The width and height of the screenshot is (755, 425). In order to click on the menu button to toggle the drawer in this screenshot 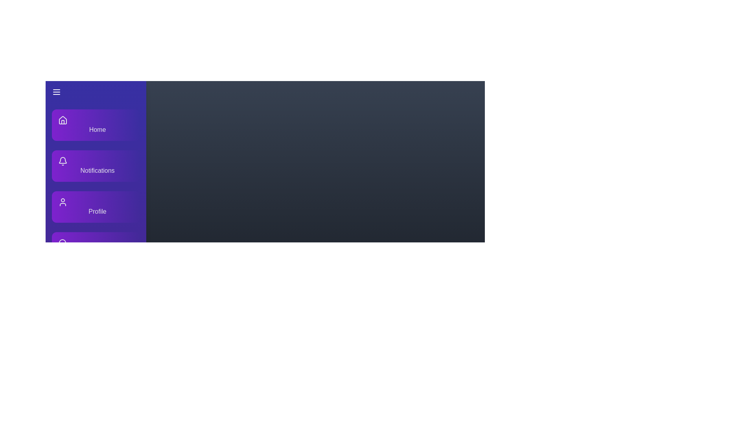, I will do `click(96, 92)`.